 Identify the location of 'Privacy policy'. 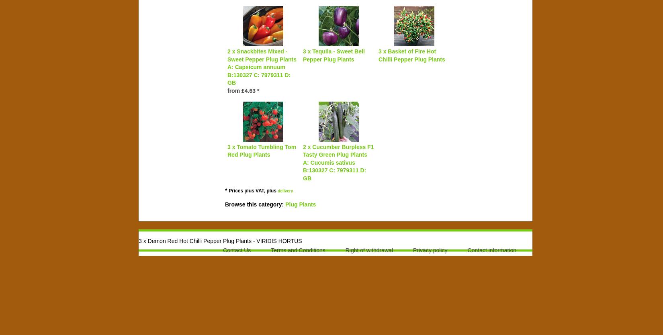
(430, 250).